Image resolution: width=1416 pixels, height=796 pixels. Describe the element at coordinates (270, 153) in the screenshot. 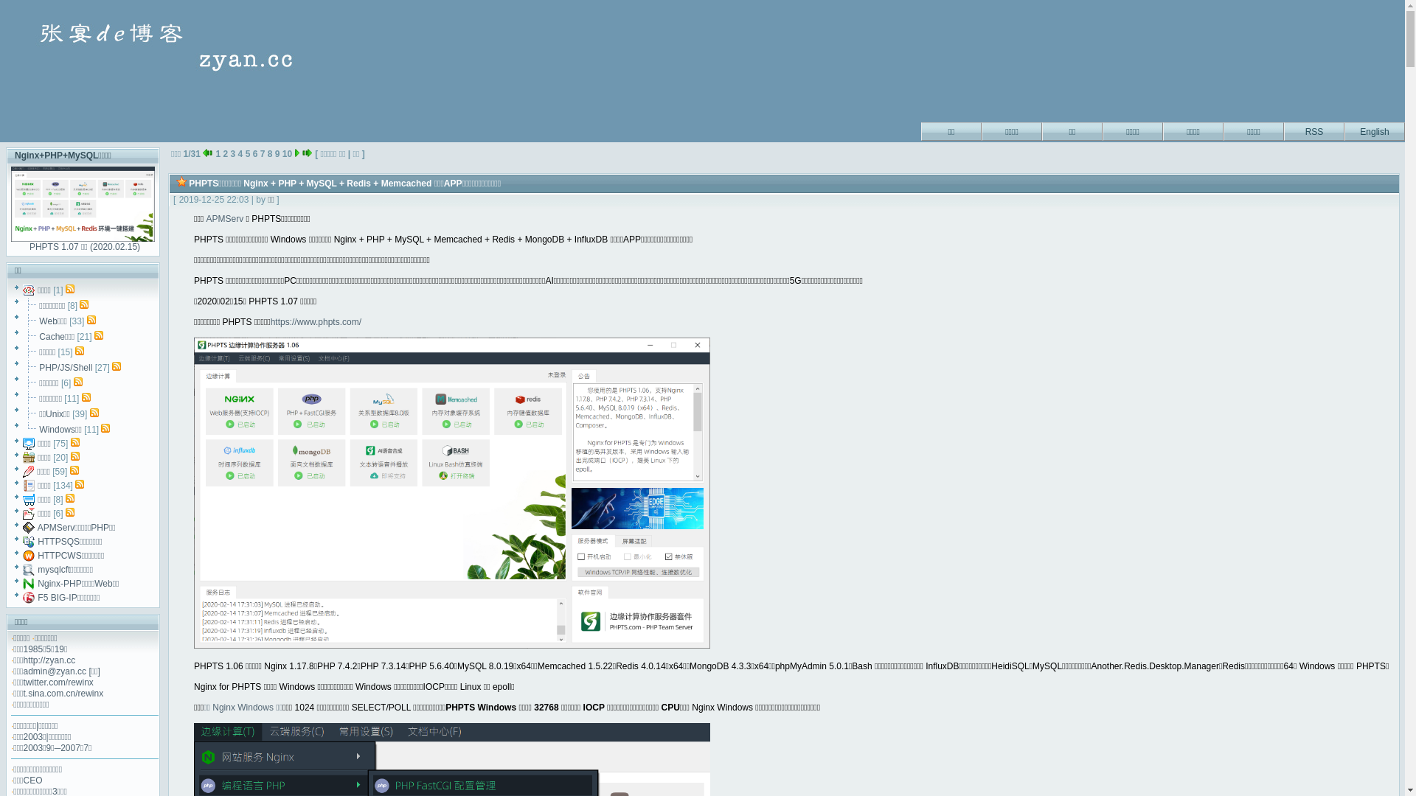

I see `'8'` at that location.